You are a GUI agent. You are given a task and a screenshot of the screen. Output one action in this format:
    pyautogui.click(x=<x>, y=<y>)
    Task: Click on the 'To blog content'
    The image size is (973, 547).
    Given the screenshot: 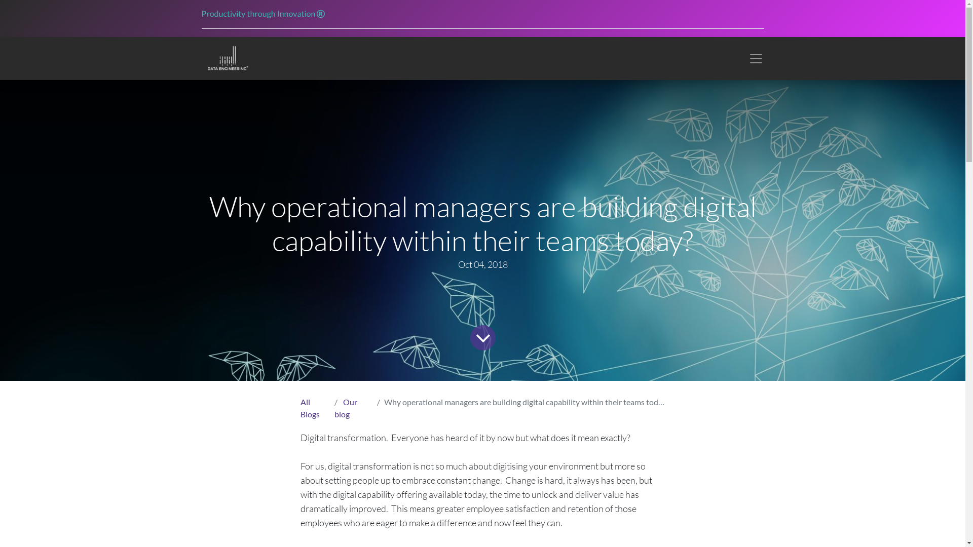 What is the action you would take?
    pyautogui.click(x=481, y=336)
    